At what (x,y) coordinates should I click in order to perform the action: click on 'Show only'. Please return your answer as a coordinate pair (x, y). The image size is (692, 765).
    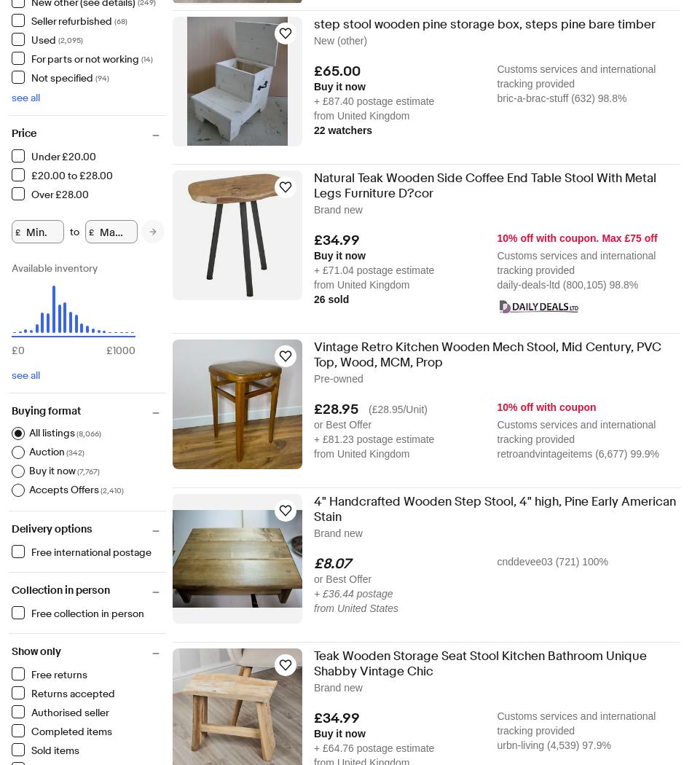
    Looking at the image, I should click on (11, 651).